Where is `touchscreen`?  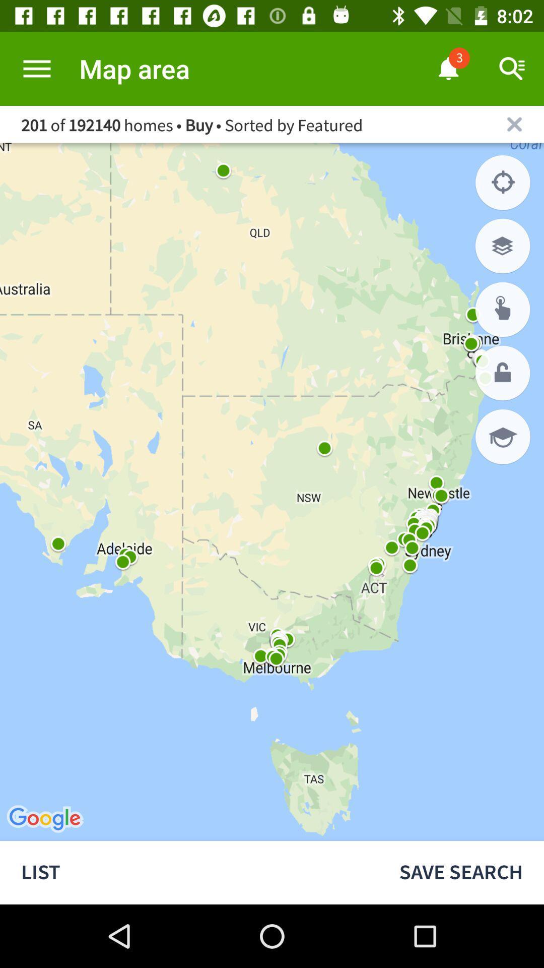
touchscreen is located at coordinates (503, 309).